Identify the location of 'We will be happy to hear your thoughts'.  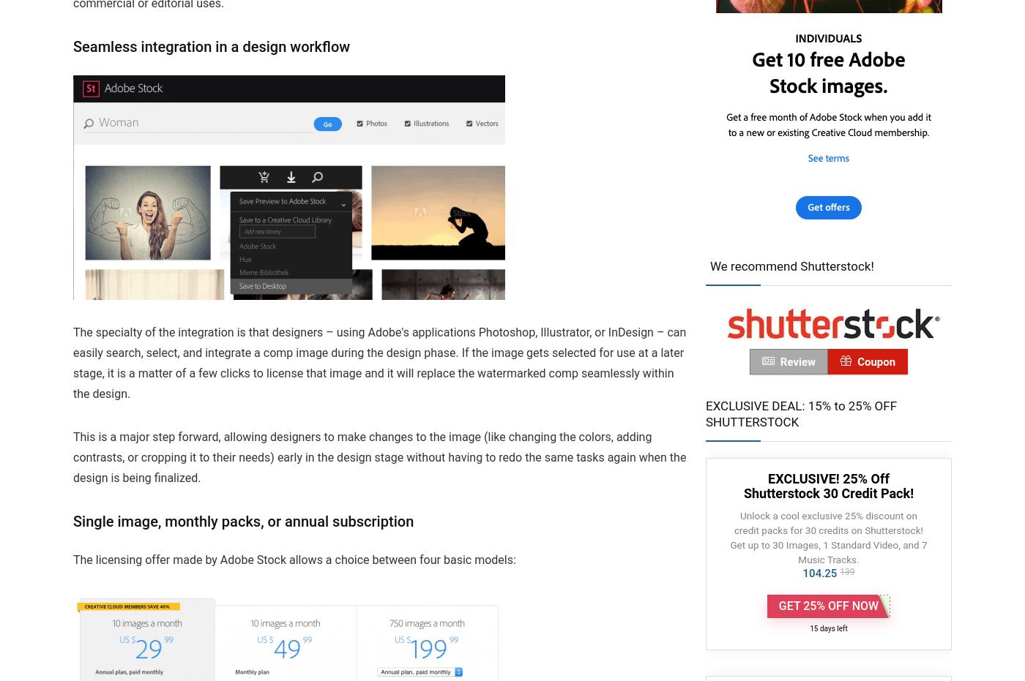
(72, 149).